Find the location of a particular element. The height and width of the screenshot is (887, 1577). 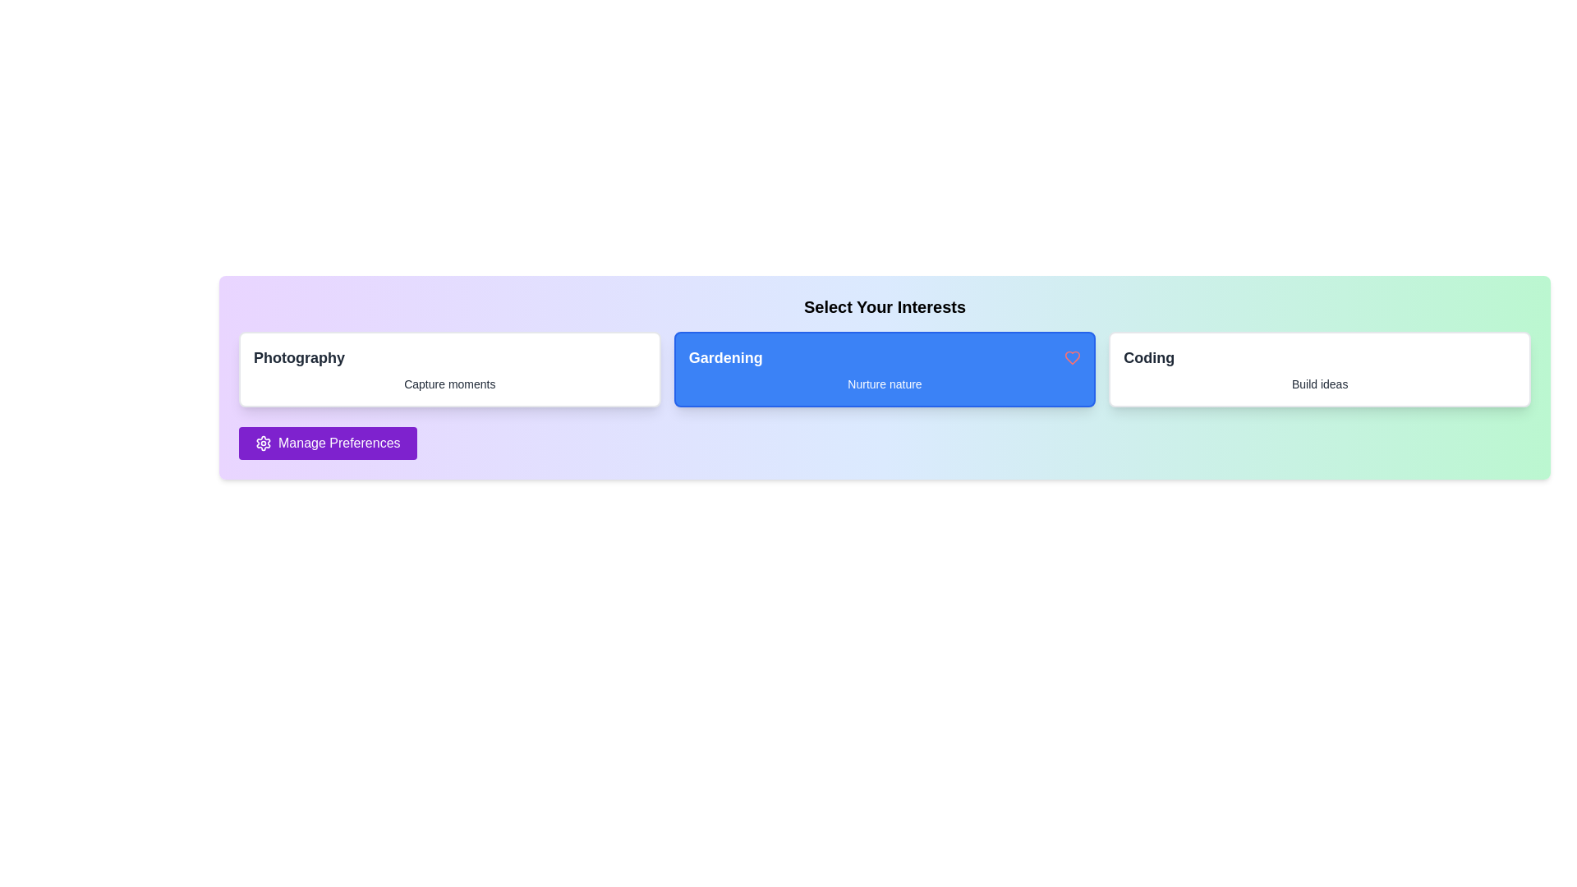

the interest item Coding is located at coordinates (1320, 370).